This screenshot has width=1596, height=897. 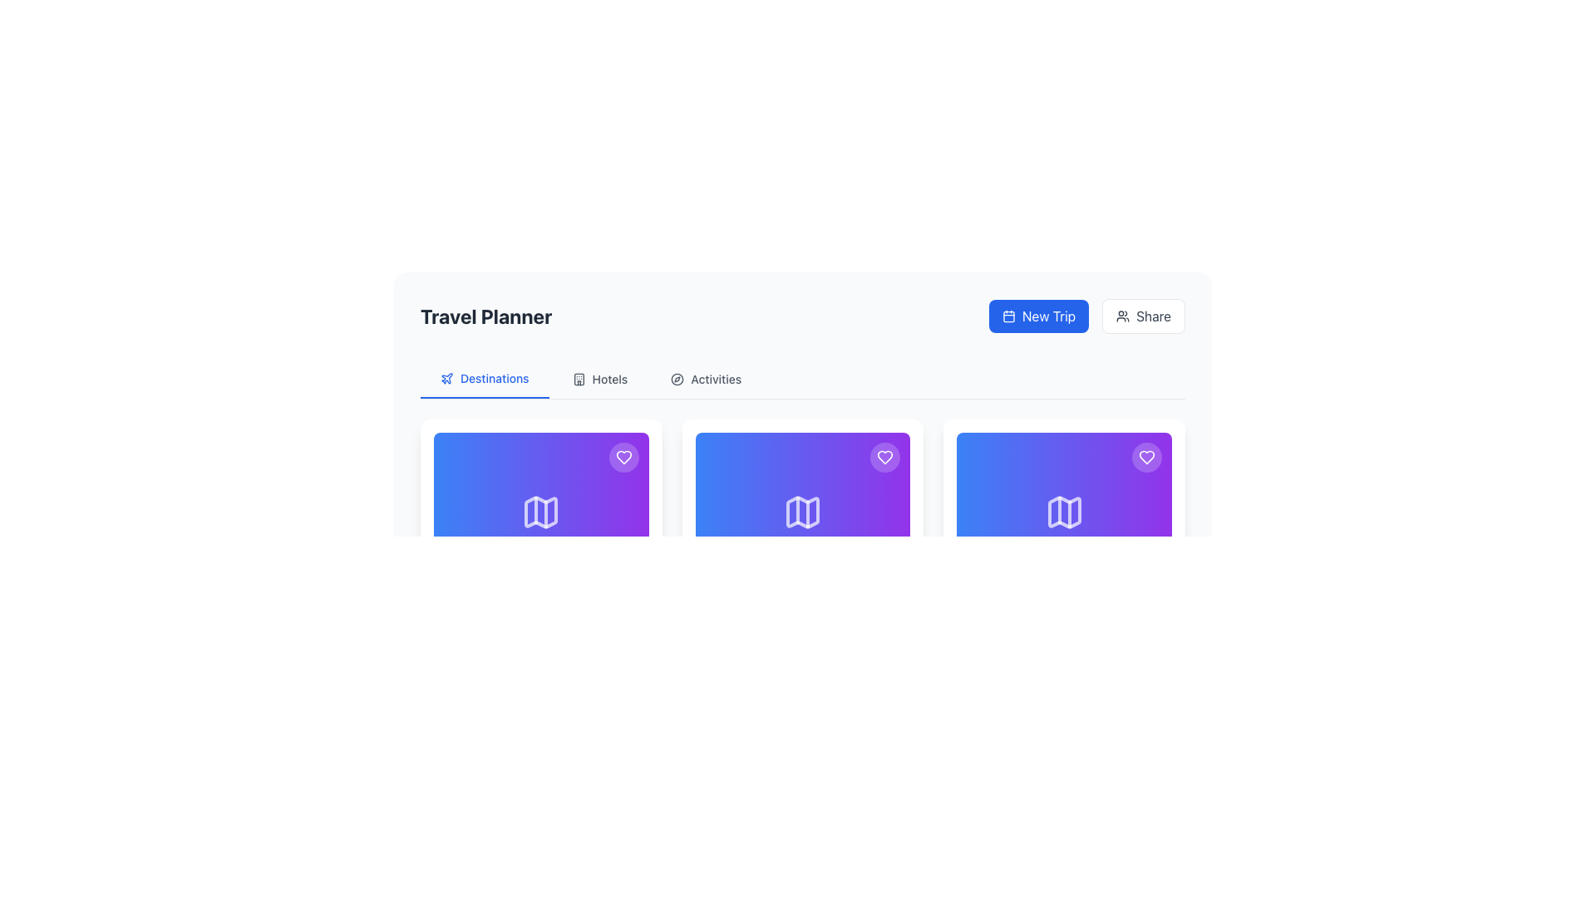 I want to click on the map-like icon, which is styled in white with a semi-transparent overlay against a gradient purple and blue background, located, so click(x=1064, y=512).